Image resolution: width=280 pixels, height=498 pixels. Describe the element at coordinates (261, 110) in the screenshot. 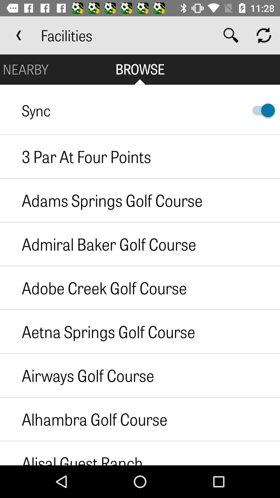

I see `item next to the sync item` at that location.